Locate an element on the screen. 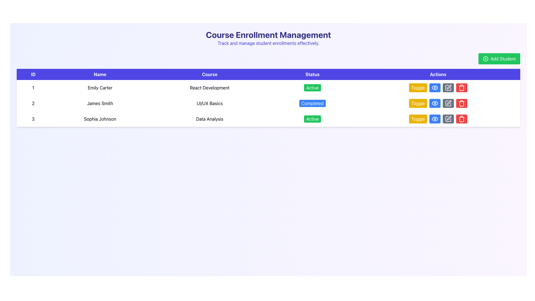 The image size is (535, 301). the small, square grey button with rounded corners that contains a white pencil icon, located within the action menu of the third row of the table is located at coordinates (448, 119).